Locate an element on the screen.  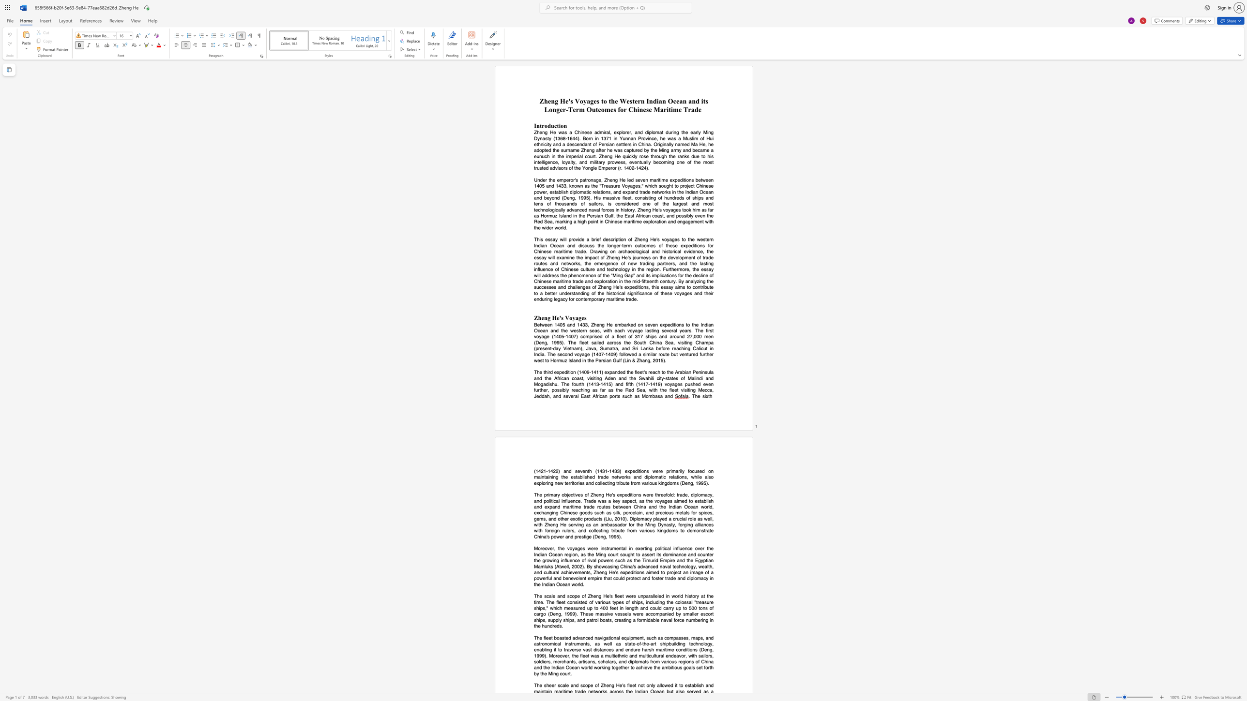
the subset text "ulf (Li" within the text "in India. The second voyage (1407-1409) followed a similar route but ventured further west to Hormuz Island in the Persian Gulf (Lin & Zhang, 2015)." is located at coordinates (616, 359).